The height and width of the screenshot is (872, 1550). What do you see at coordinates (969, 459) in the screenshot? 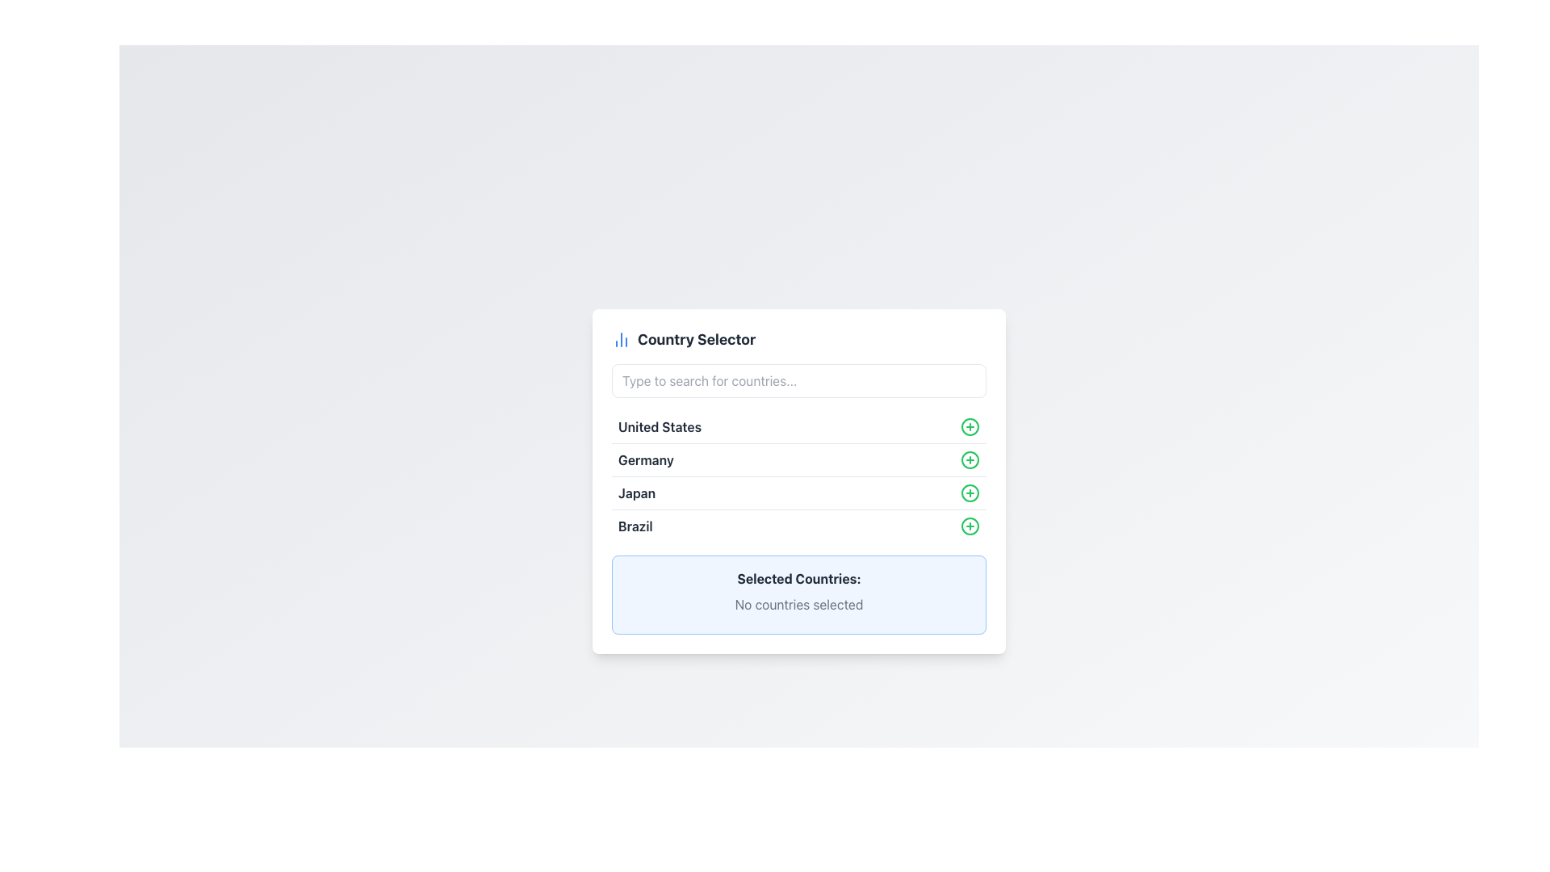
I see `the circular add button associated with the 'Germany' option, which is styled in green with a plus symbol in its center` at bounding box center [969, 459].